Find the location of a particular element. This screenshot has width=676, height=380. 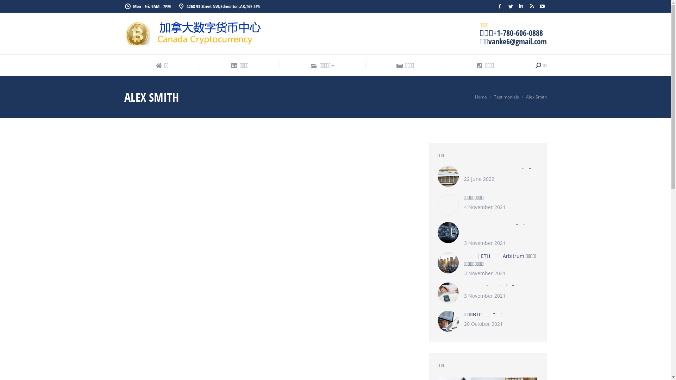

'Home' is located at coordinates (480, 97).